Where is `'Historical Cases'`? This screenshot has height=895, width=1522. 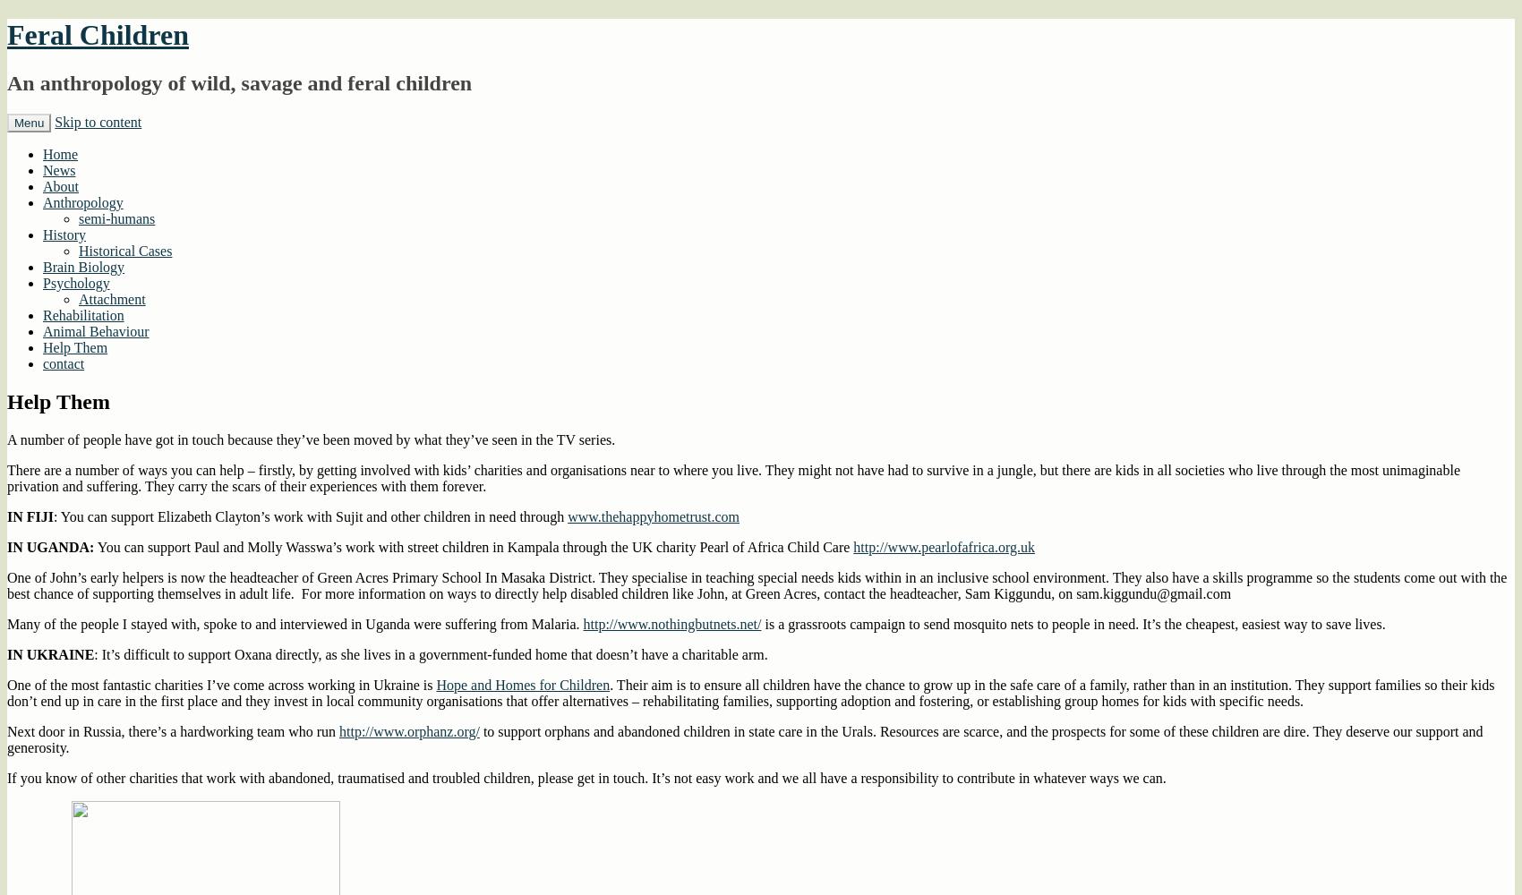 'Historical Cases' is located at coordinates (124, 250).